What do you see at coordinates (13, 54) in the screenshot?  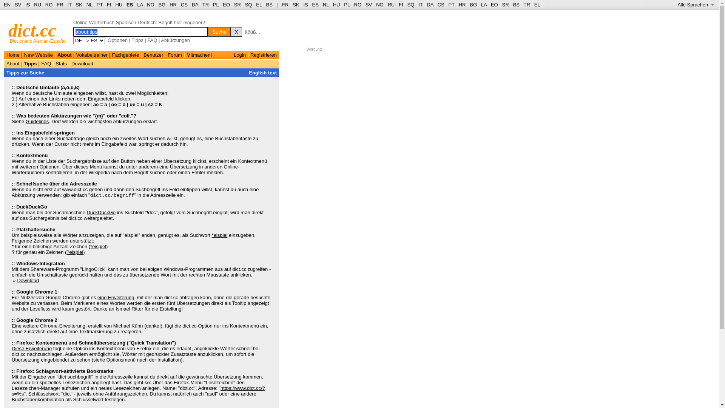 I see `'Home'` at bounding box center [13, 54].